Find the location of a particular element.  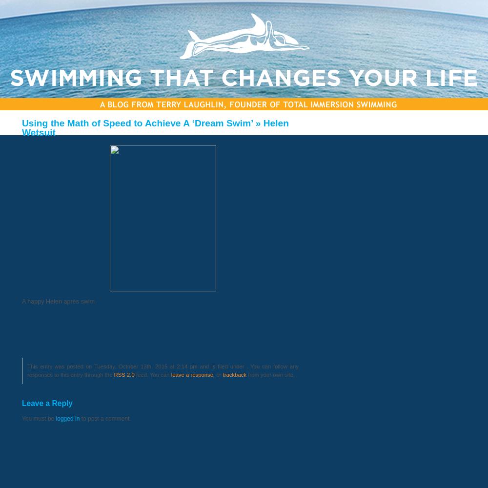

'This entry was posted on Tuesday, October 13th, 2015 at 2:14 pm						and is filed under .
												You can follow any responses to this entry through the' is located at coordinates (163, 370).